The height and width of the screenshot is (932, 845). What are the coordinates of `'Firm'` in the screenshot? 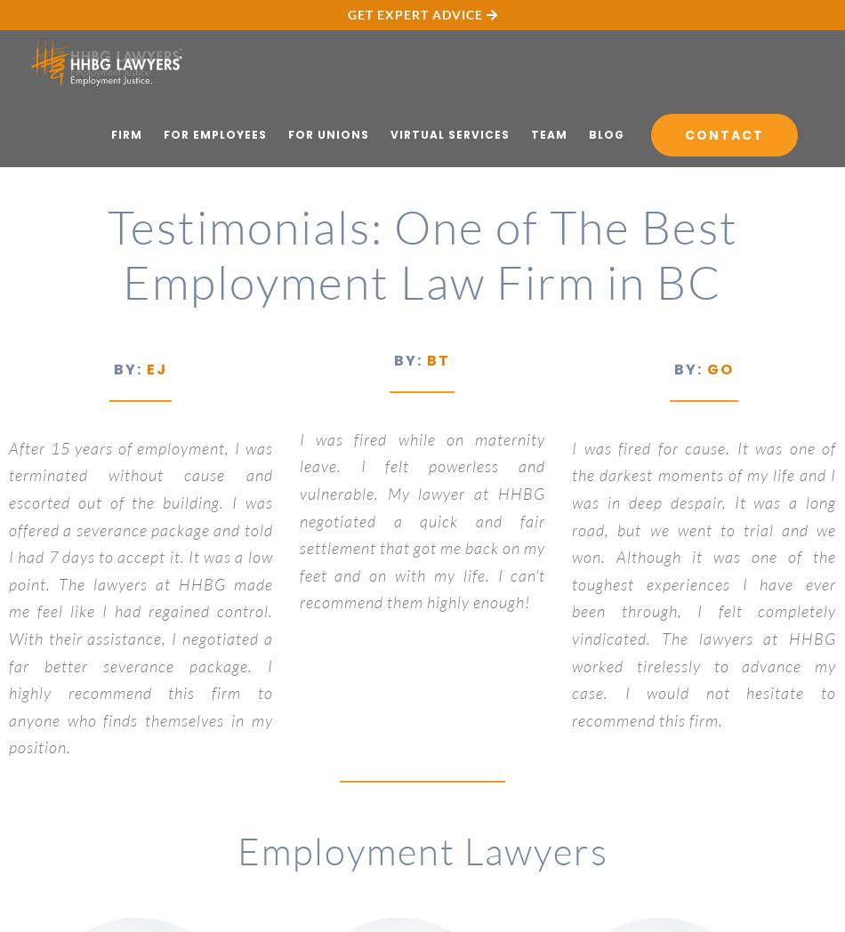 It's located at (126, 133).